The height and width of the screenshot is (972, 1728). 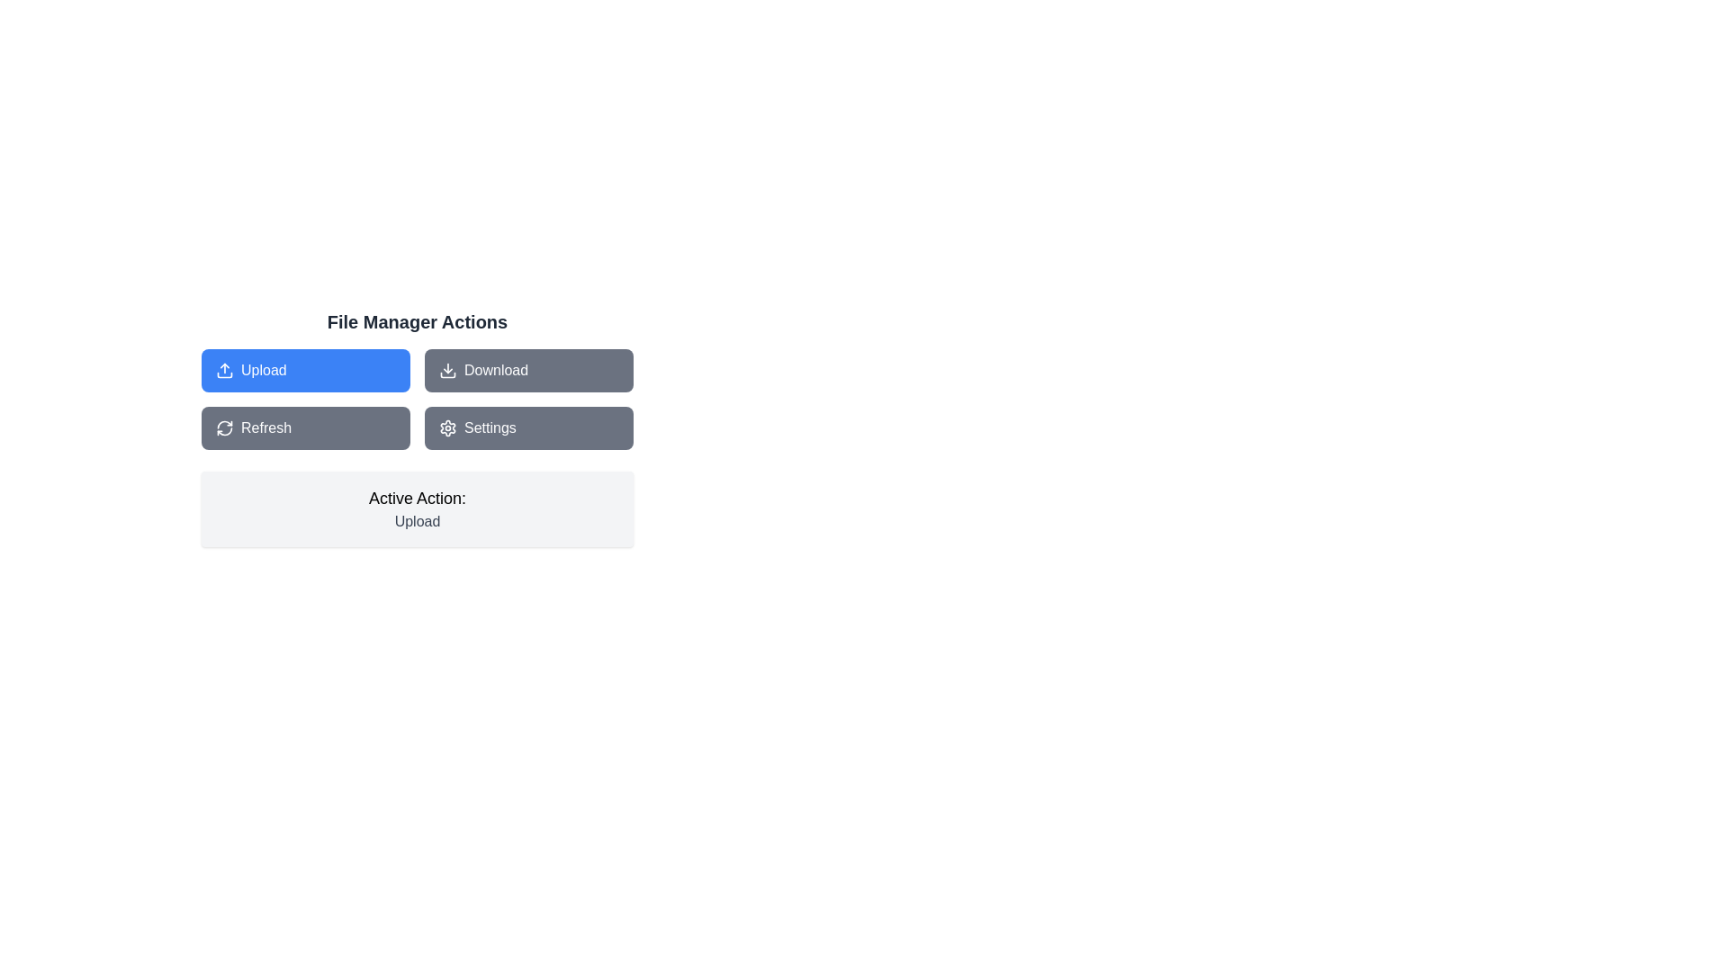 I want to click on text 'Upload' within the button that has a blue background and is styled with white font color, indicating it is active or selected, so click(x=263, y=370).